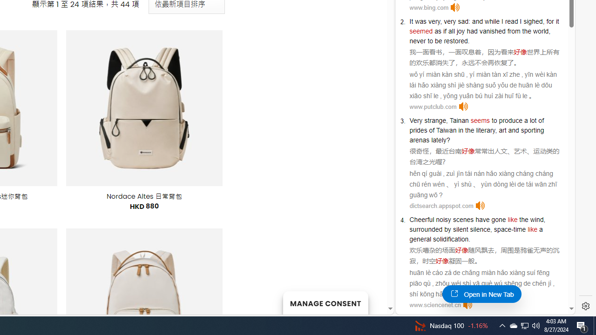 This screenshot has width=596, height=335. What do you see at coordinates (541, 30) in the screenshot?
I see `'world'` at bounding box center [541, 30].